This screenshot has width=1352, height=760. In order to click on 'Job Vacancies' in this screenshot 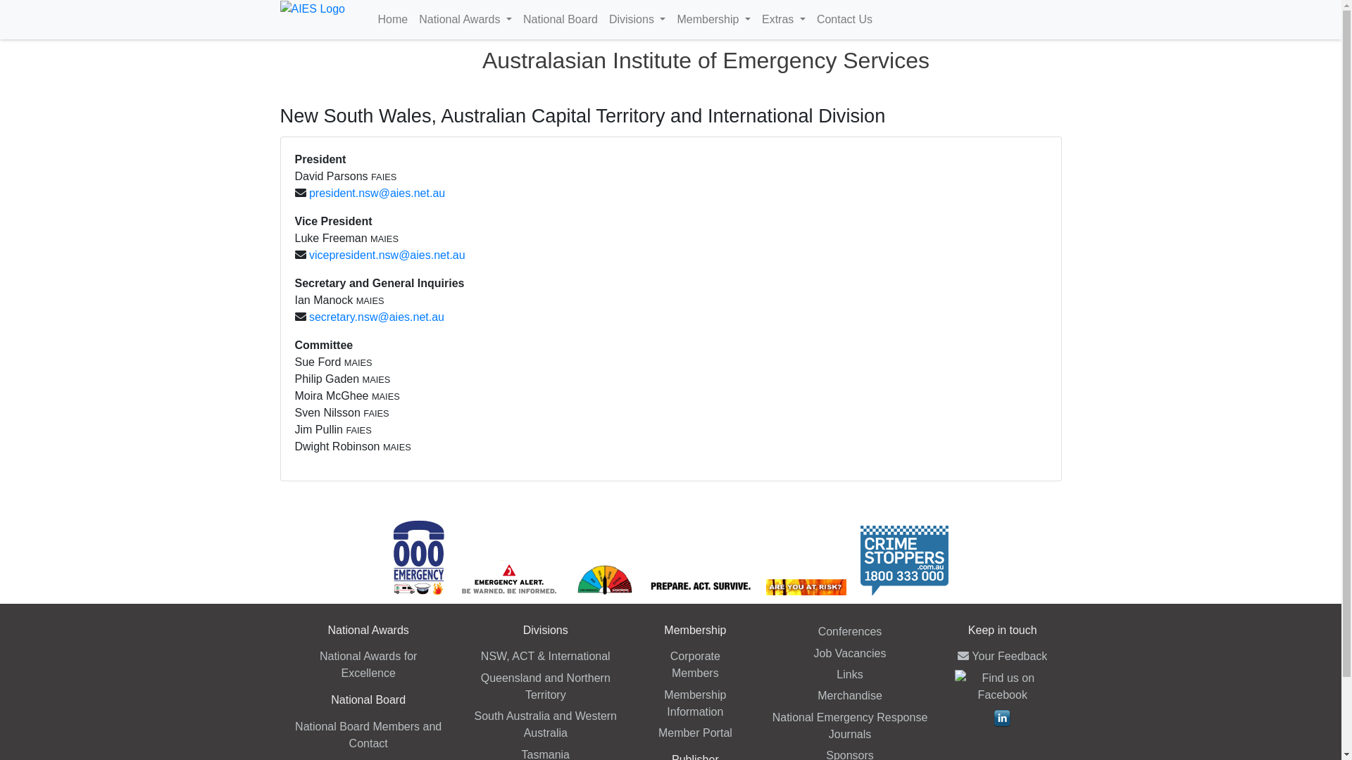, I will do `click(849, 653)`.